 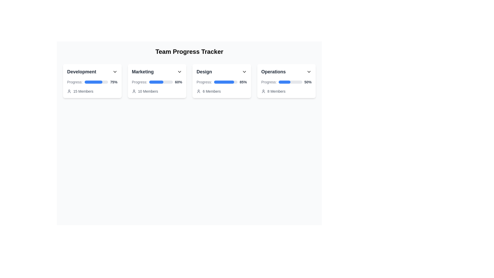 I want to click on the progress bar indicating 50% completion in the 'Operations' section of the 'Team Progress Tracker', so click(x=290, y=82).